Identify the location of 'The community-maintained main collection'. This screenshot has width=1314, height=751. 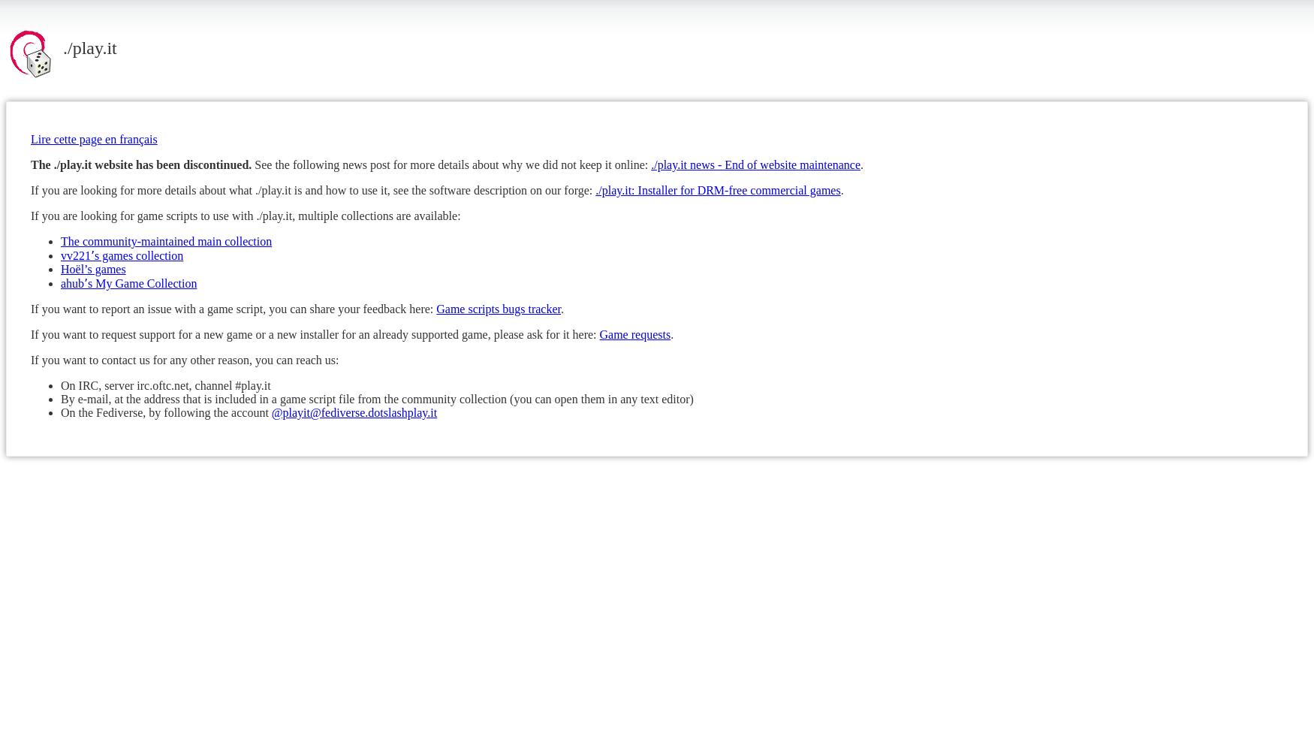
(61, 240).